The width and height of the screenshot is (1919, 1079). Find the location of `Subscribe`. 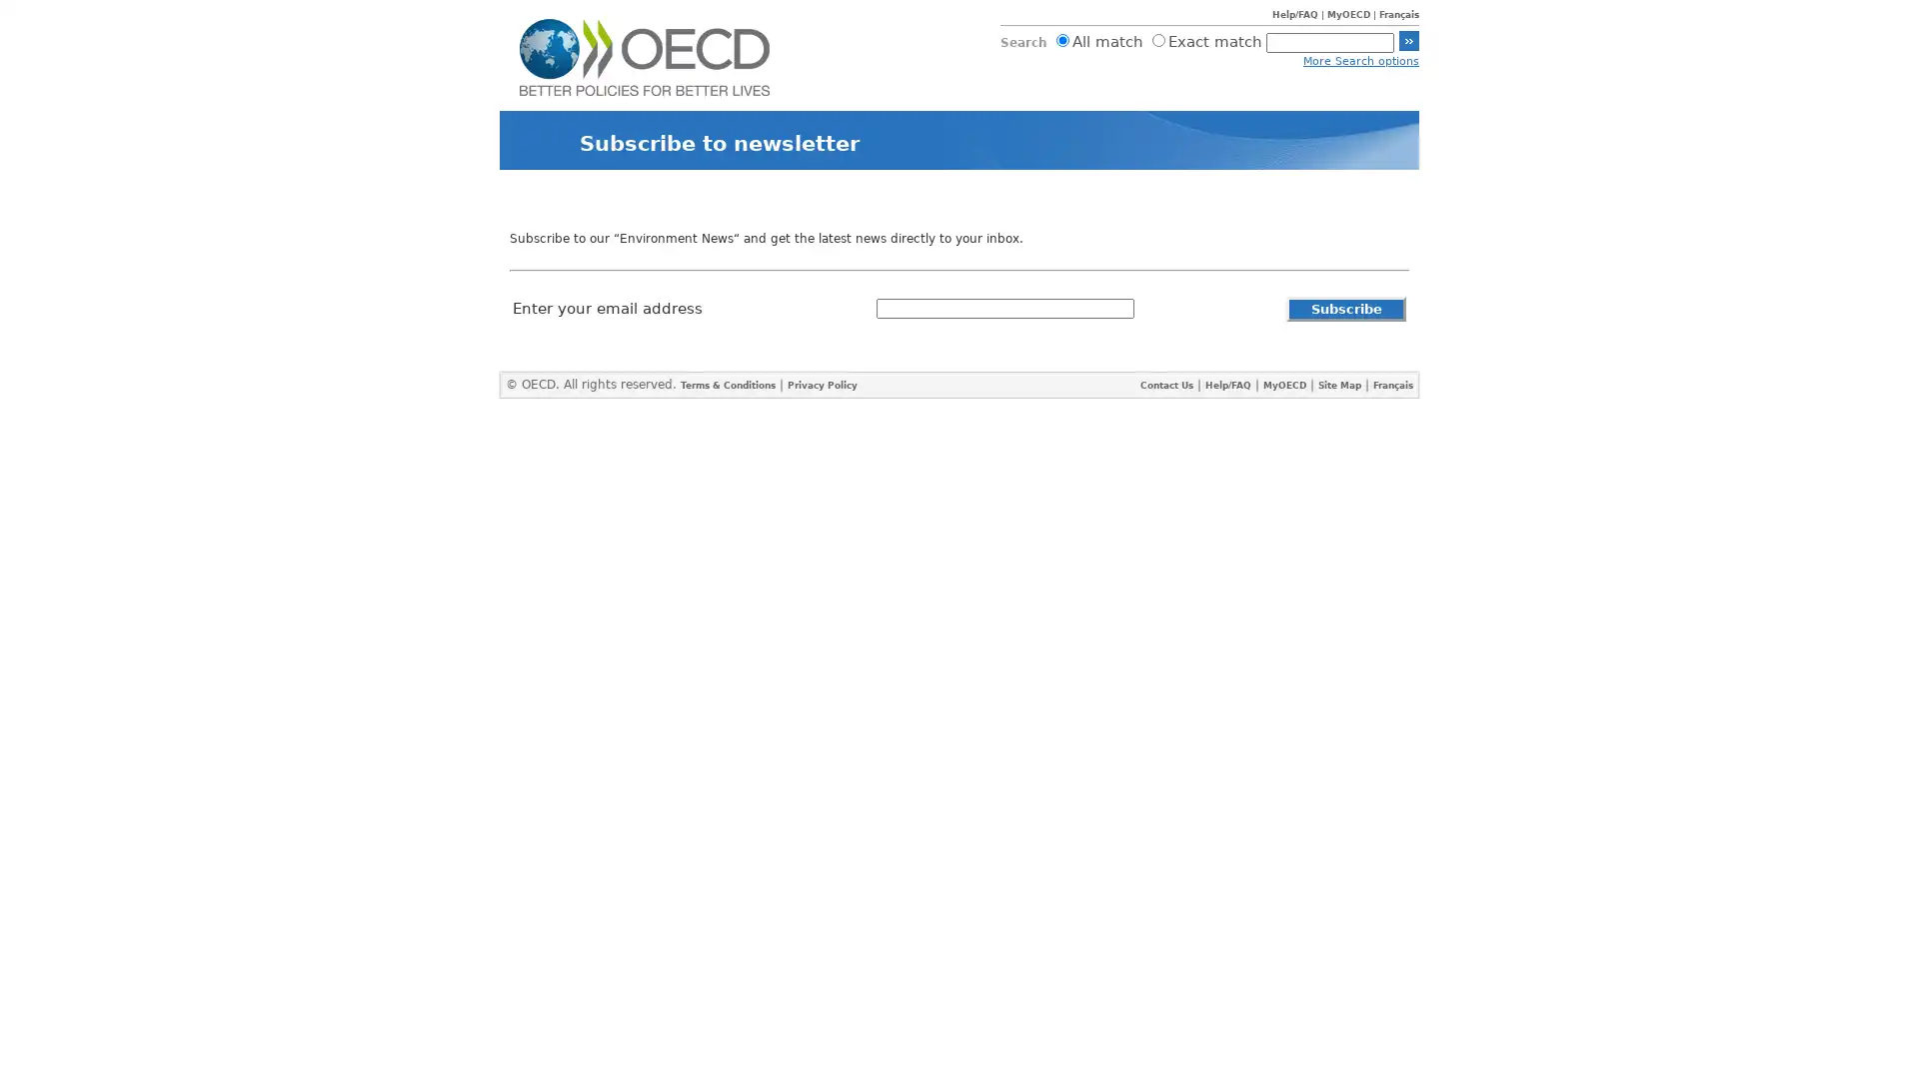

Subscribe is located at coordinates (1346, 308).